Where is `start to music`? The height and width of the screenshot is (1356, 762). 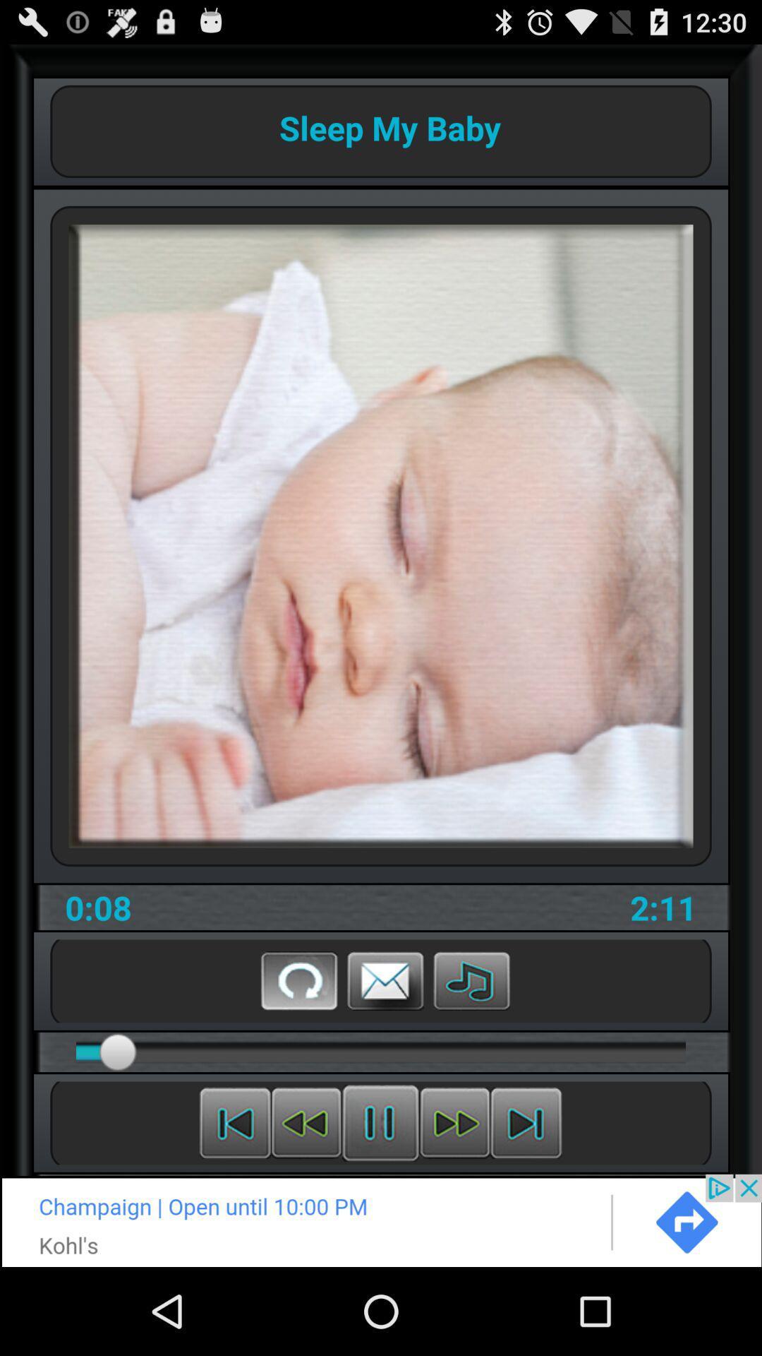 start to music is located at coordinates (471, 980).